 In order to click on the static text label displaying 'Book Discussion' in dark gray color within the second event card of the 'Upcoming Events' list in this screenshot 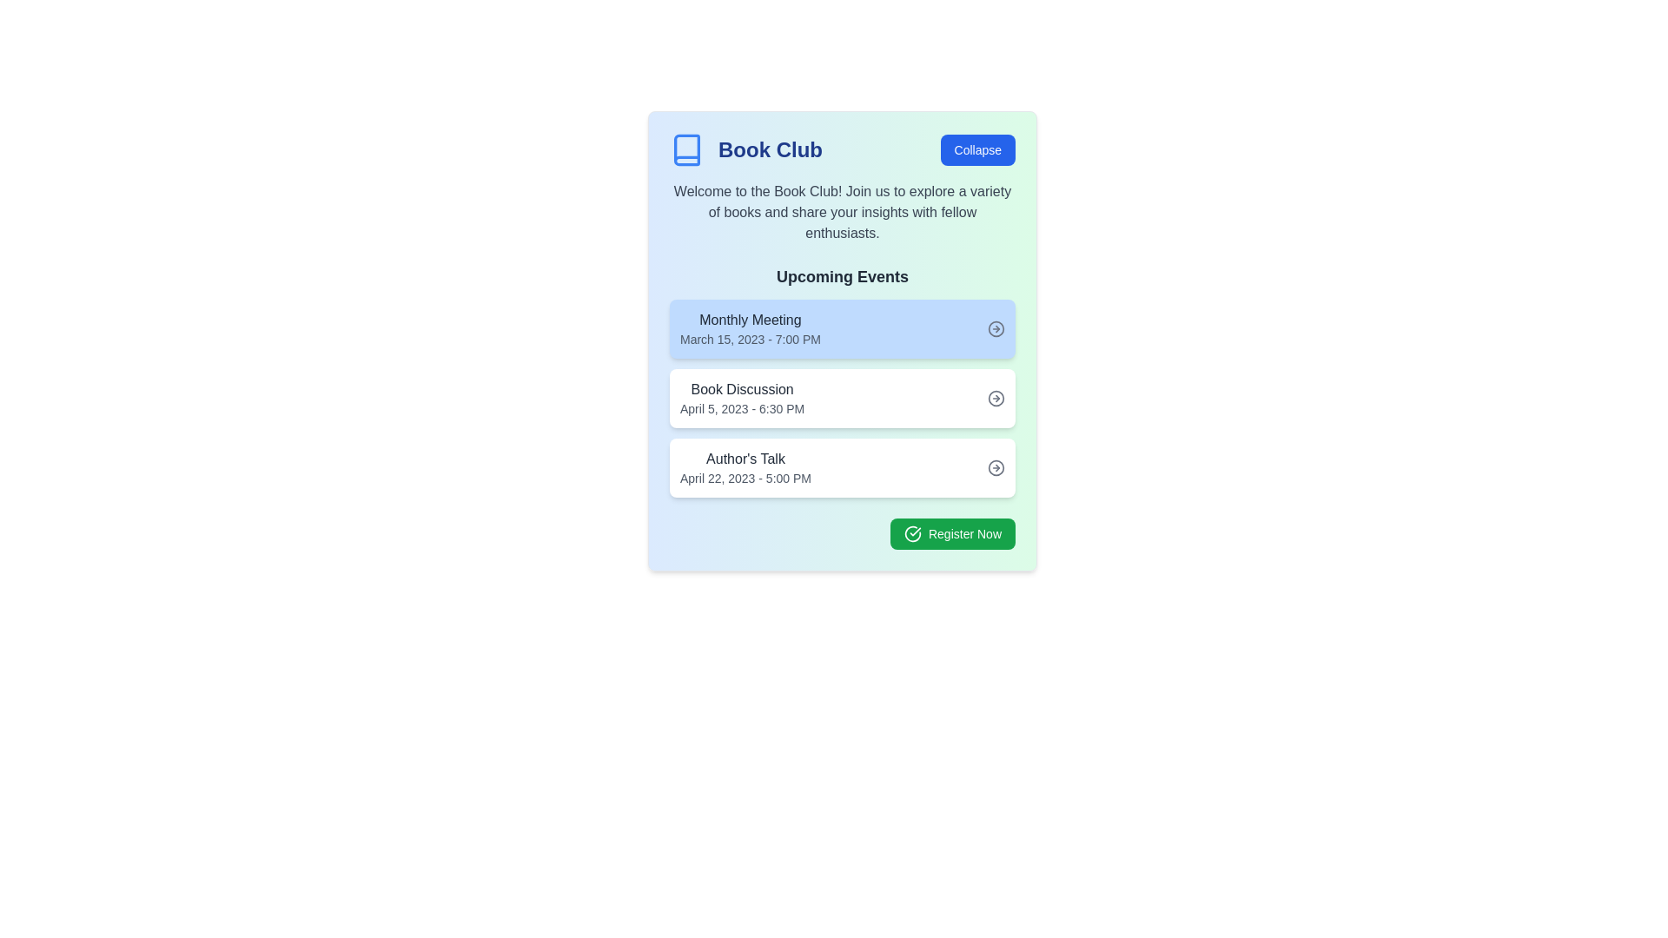, I will do `click(742, 388)`.